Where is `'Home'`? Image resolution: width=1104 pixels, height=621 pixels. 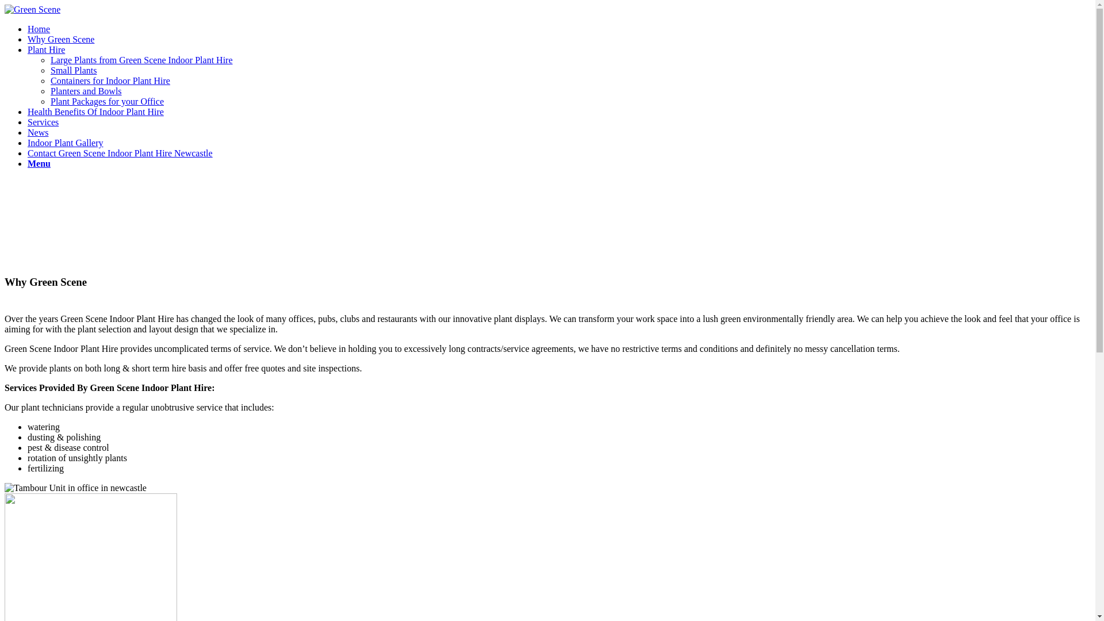
'Home' is located at coordinates (39, 28).